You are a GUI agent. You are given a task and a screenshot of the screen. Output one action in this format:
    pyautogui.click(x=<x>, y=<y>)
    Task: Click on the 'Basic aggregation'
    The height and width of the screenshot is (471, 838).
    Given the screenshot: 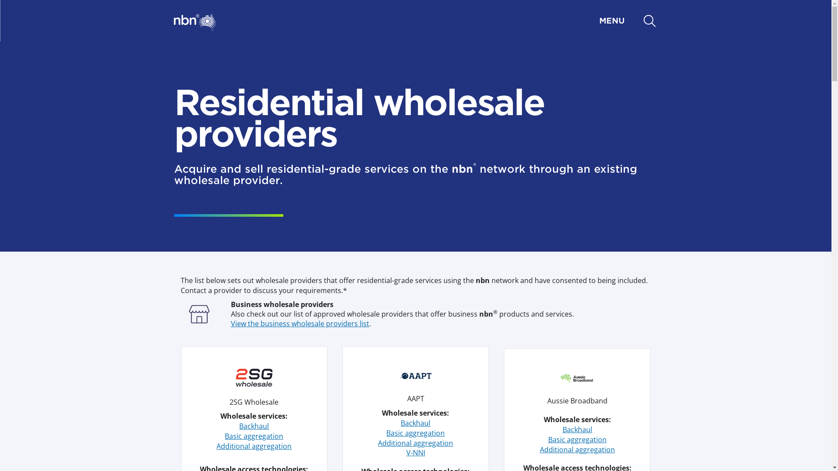 What is the action you would take?
    pyautogui.click(x=385, y=433)
    